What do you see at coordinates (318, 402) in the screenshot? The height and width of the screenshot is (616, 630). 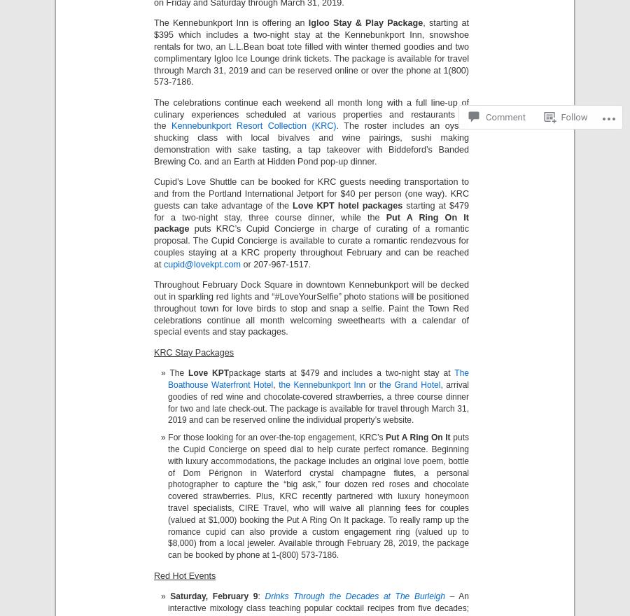 I see `', arrival goodies of red wine and chocolate-covered strawberries, a three course dinner for two and late check-out. The package is available for travel through March 31, 2019 and can be reserved online the individual property’s website.'` at bounding box center [318, 402].